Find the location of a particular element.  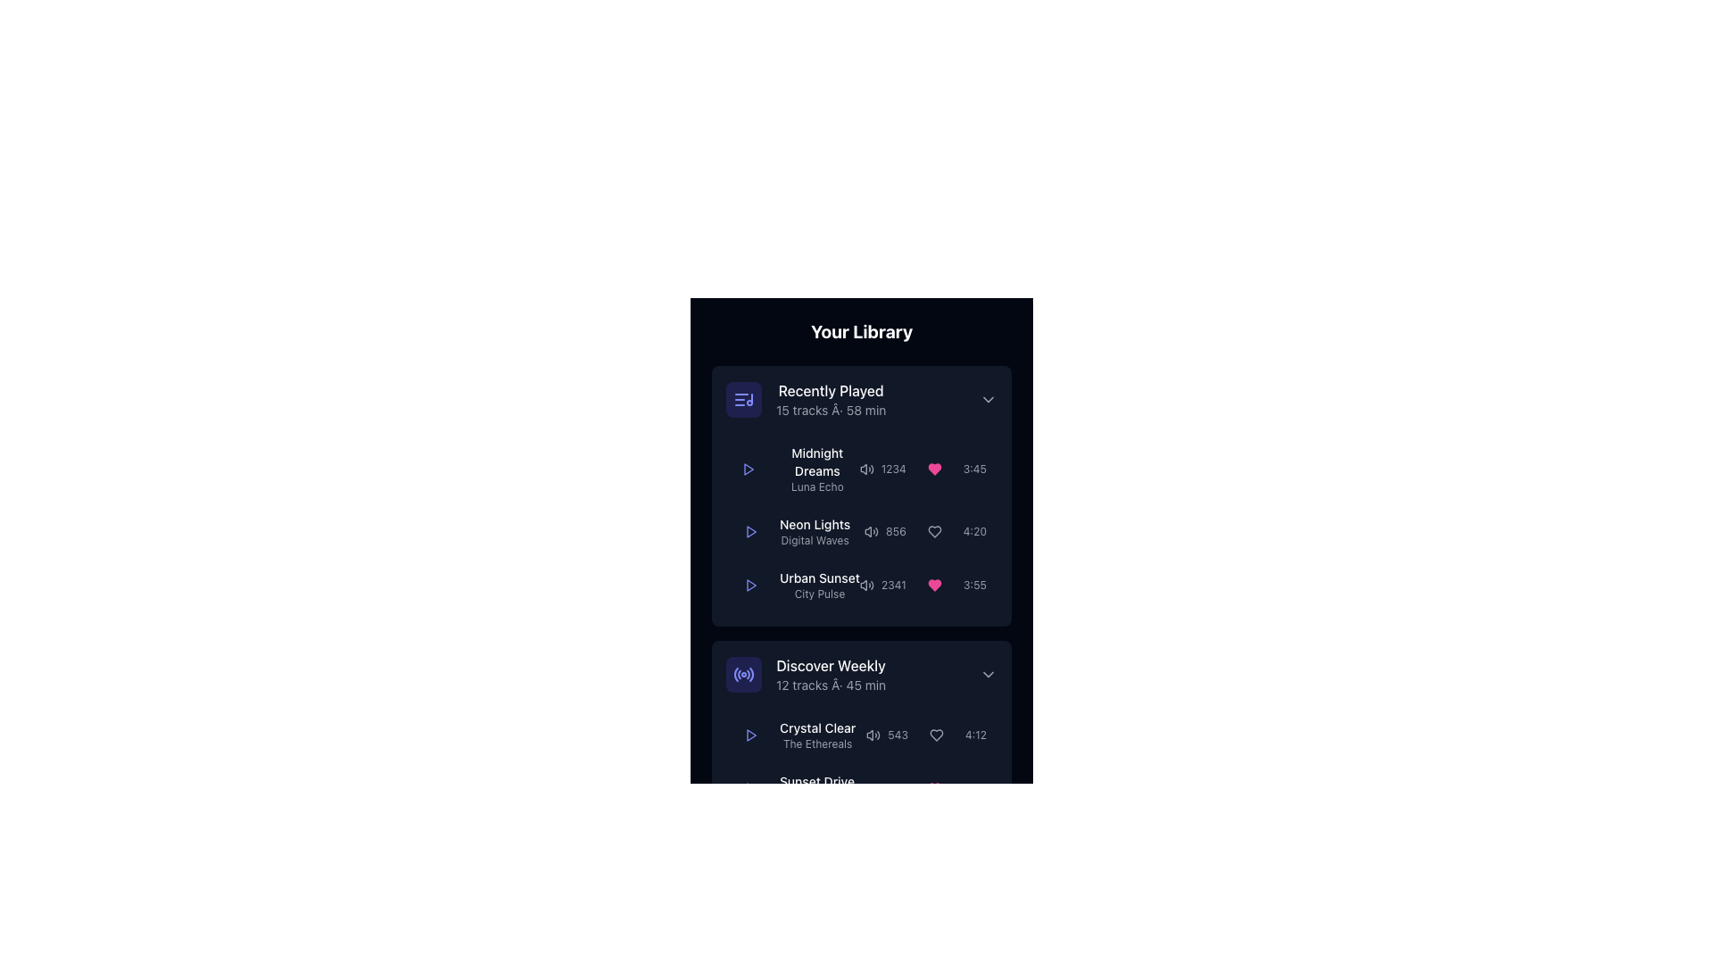

the Text Label that serves as the title for the second media entry in the 'Recently Played' list, positioned just above the subtitle 'Digital Waves' is located at coordinates (814, 523).